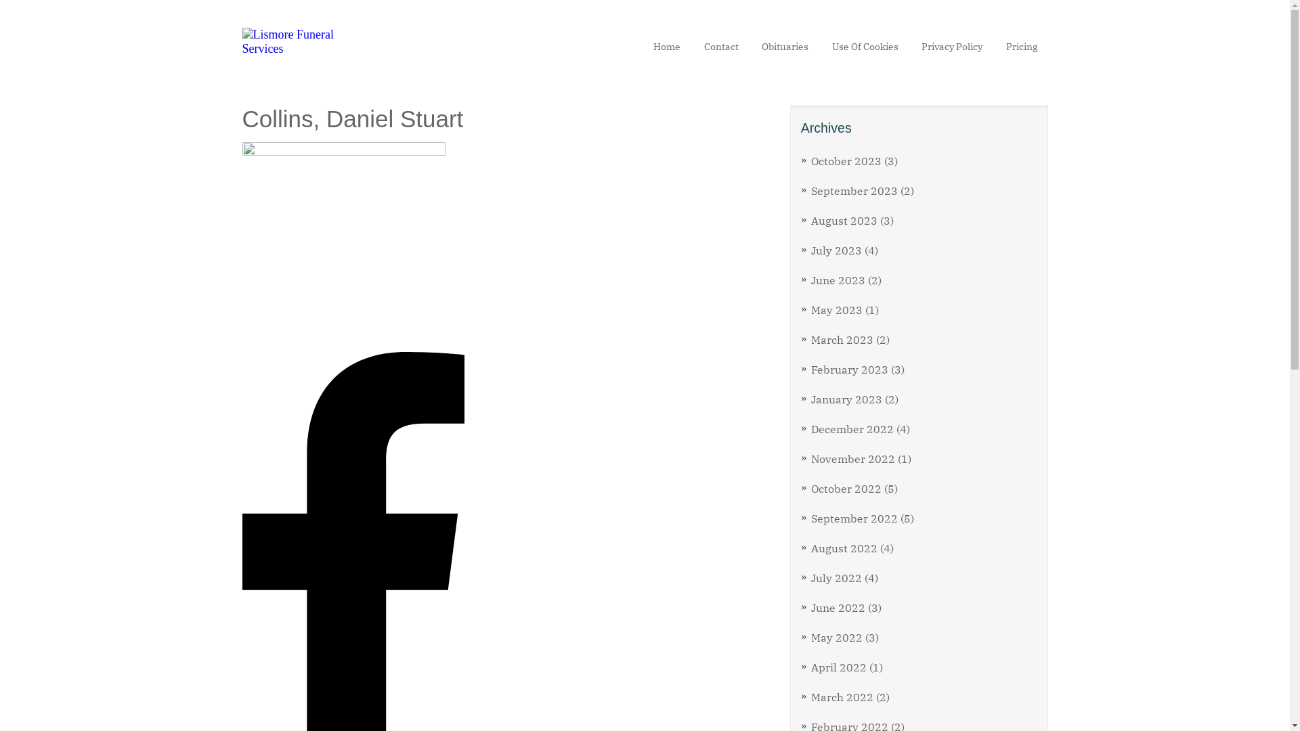 The width and height of the screenshot is (1300, 731). What do you see at coordinates (811, 667) in the screenshot?
I see `'April 2022'` at bounding box center [811, 667].